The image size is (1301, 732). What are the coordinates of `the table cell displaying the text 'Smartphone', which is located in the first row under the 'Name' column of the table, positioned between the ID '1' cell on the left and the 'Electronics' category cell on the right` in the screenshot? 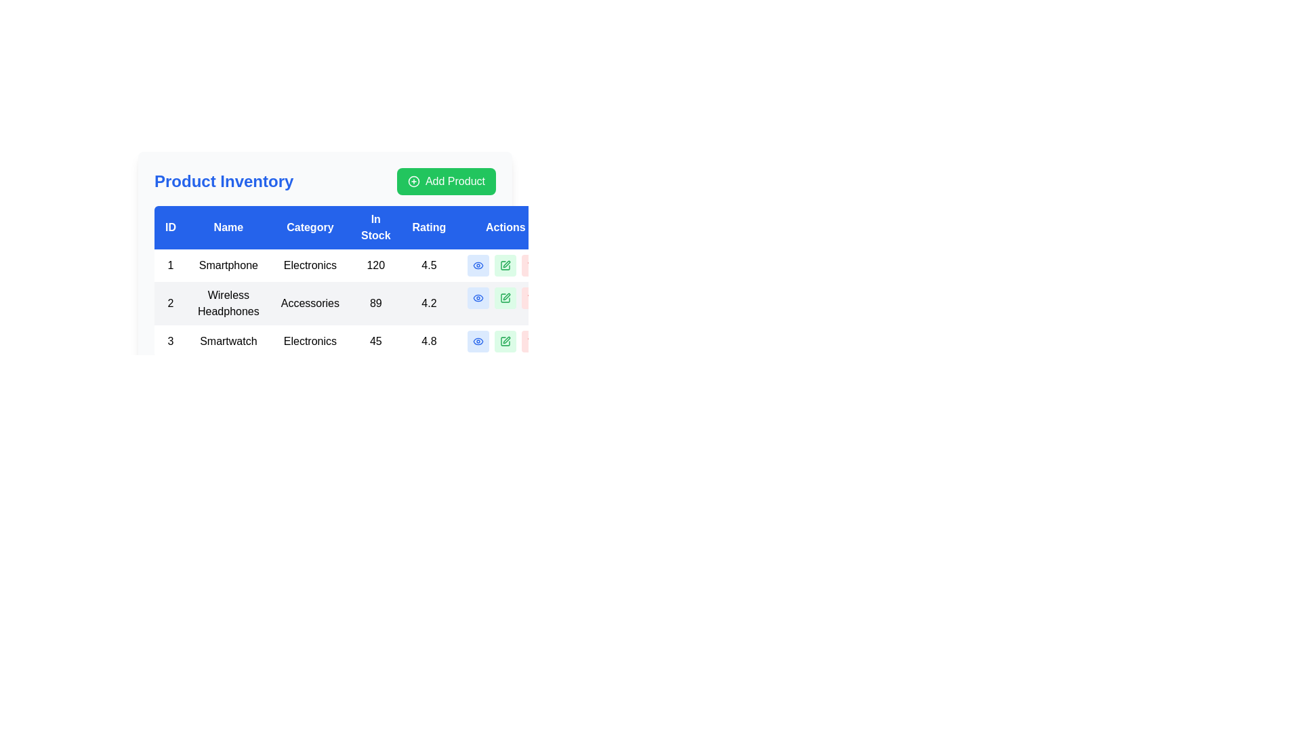 It's located at (228, 266).